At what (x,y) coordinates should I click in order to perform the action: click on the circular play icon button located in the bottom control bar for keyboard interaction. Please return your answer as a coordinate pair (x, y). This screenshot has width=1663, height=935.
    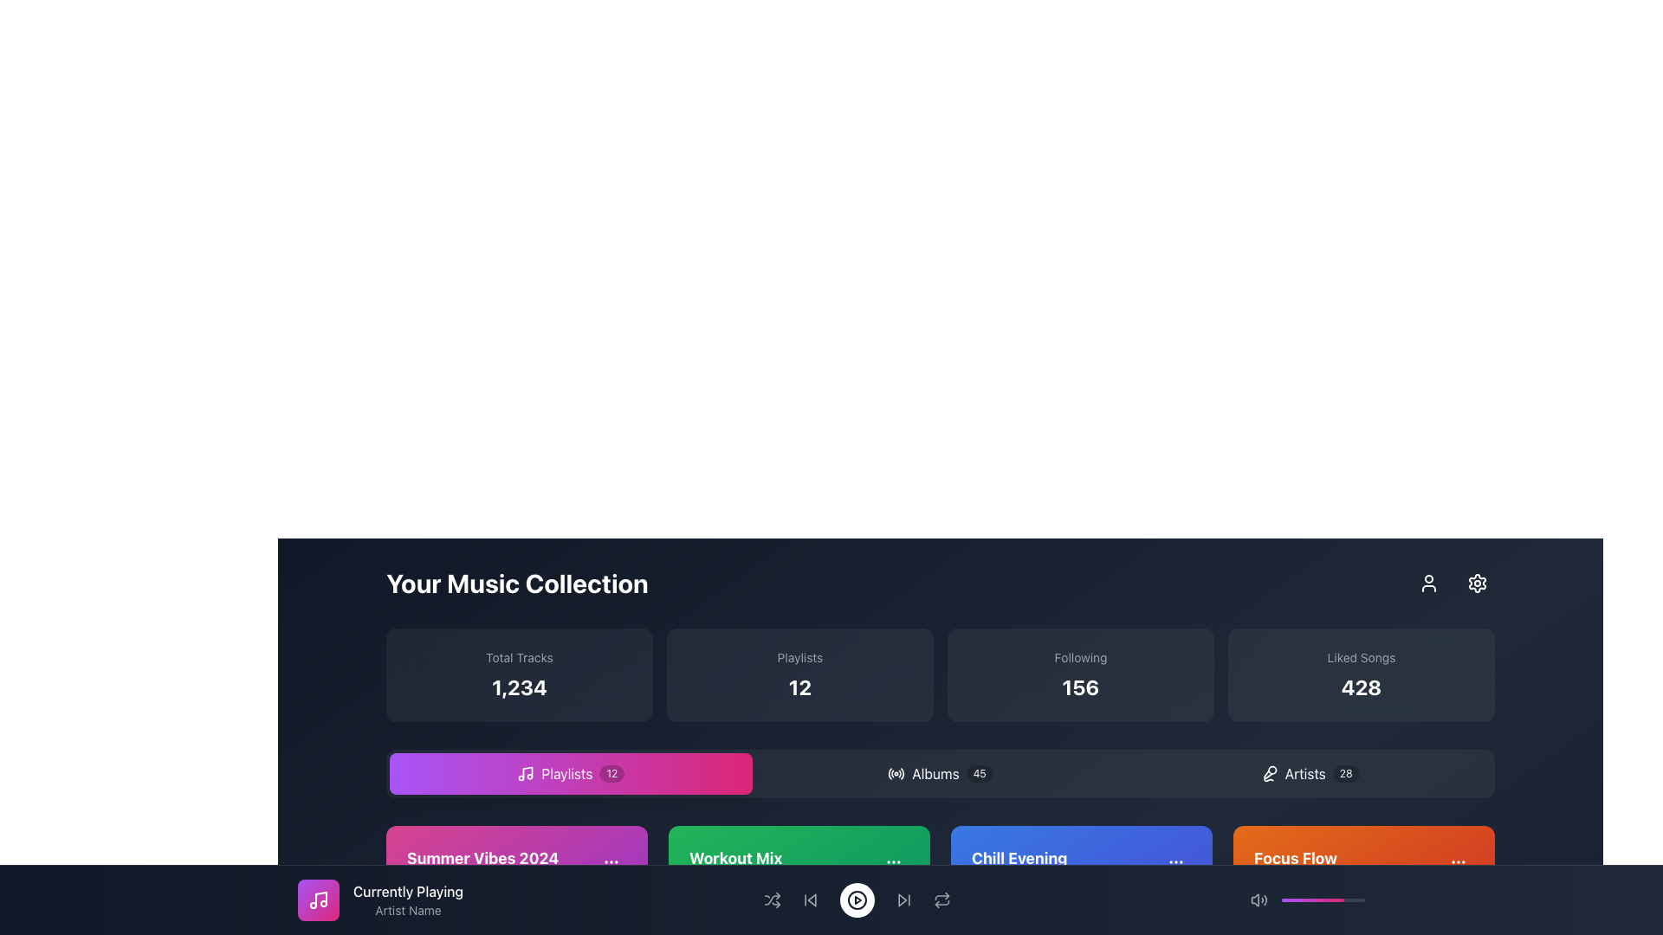
    Looking at the image, I should click on (857, 900).